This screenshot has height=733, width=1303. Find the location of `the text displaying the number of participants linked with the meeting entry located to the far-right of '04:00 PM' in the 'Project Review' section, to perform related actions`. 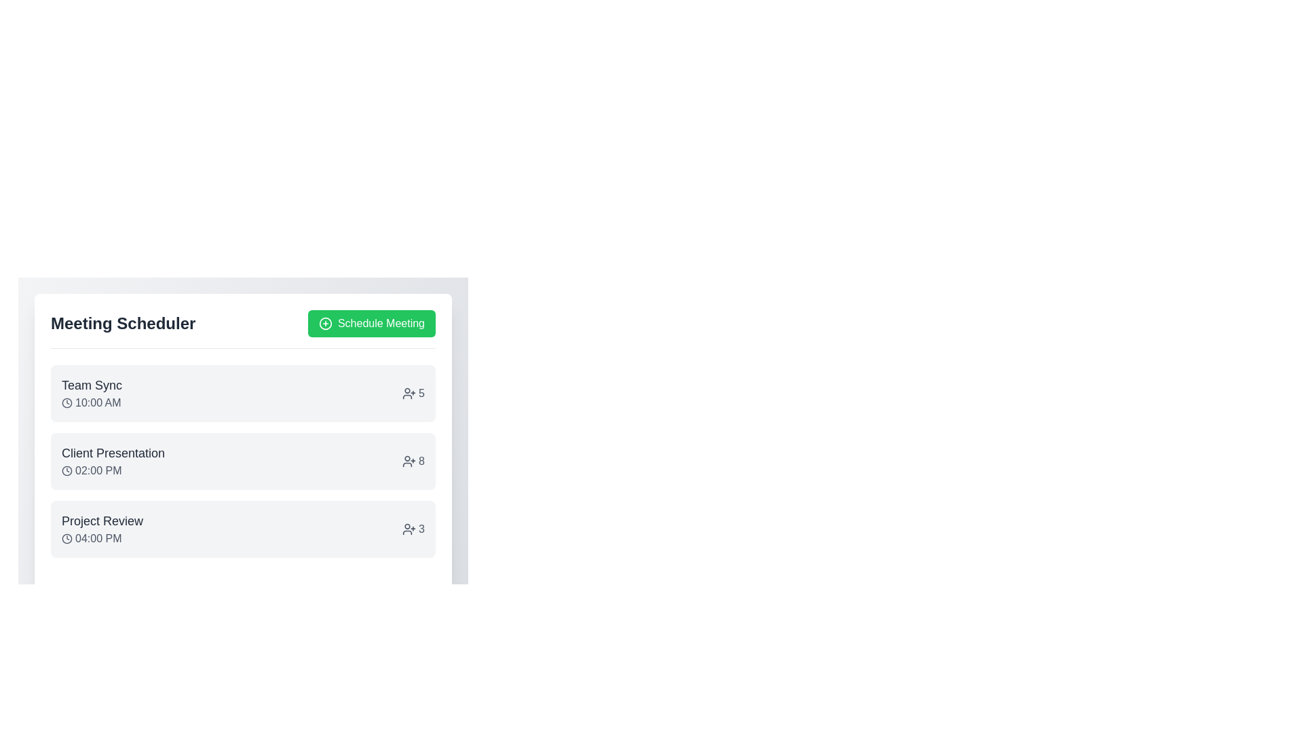

the text displaying the number of participants linked with the meeting entry located to the far-right of '04:00 PM' in the 'Project Review' section, to perform related actions is located at coordinates (413, 528).